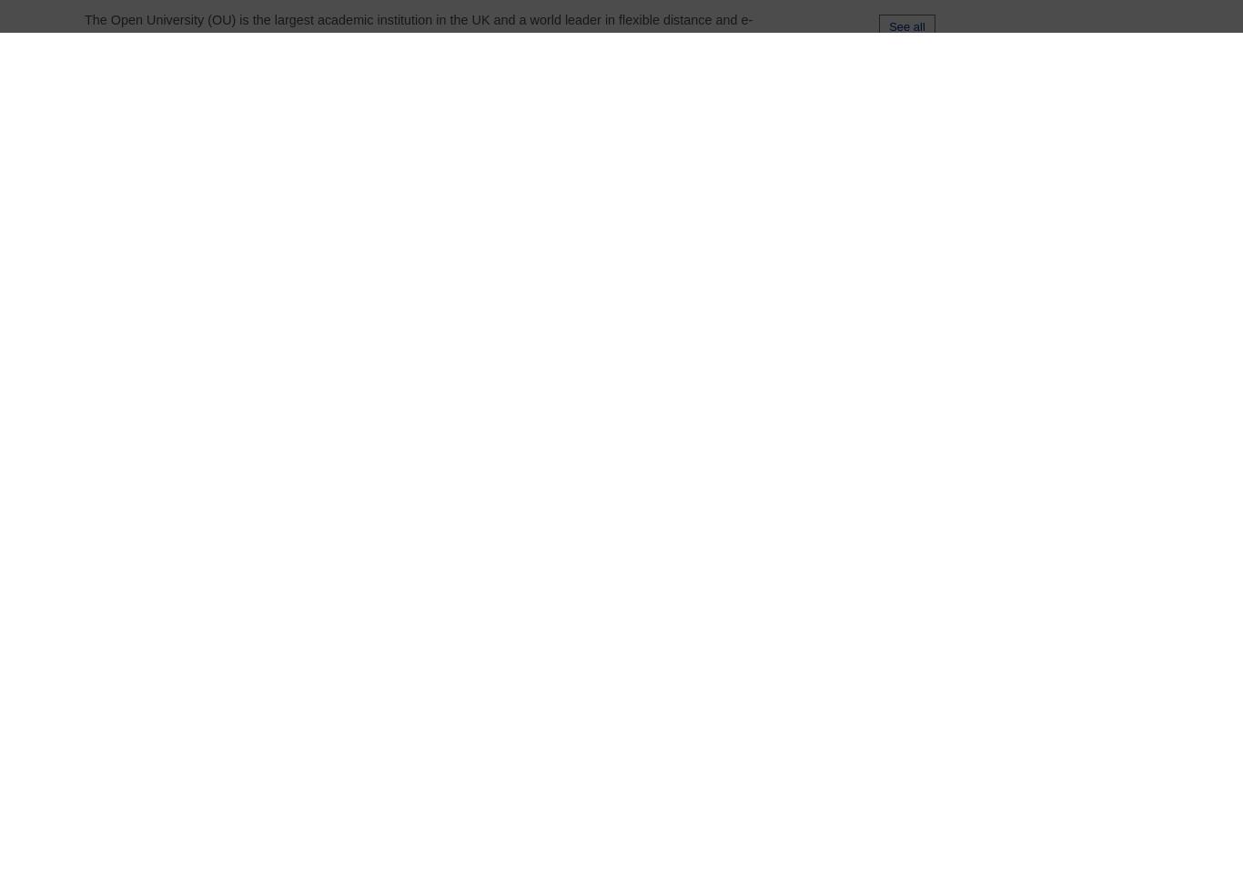  Describe the element at coordinates (1001, 464) in the screenshot. I see `'Privacy policy'` at that location.